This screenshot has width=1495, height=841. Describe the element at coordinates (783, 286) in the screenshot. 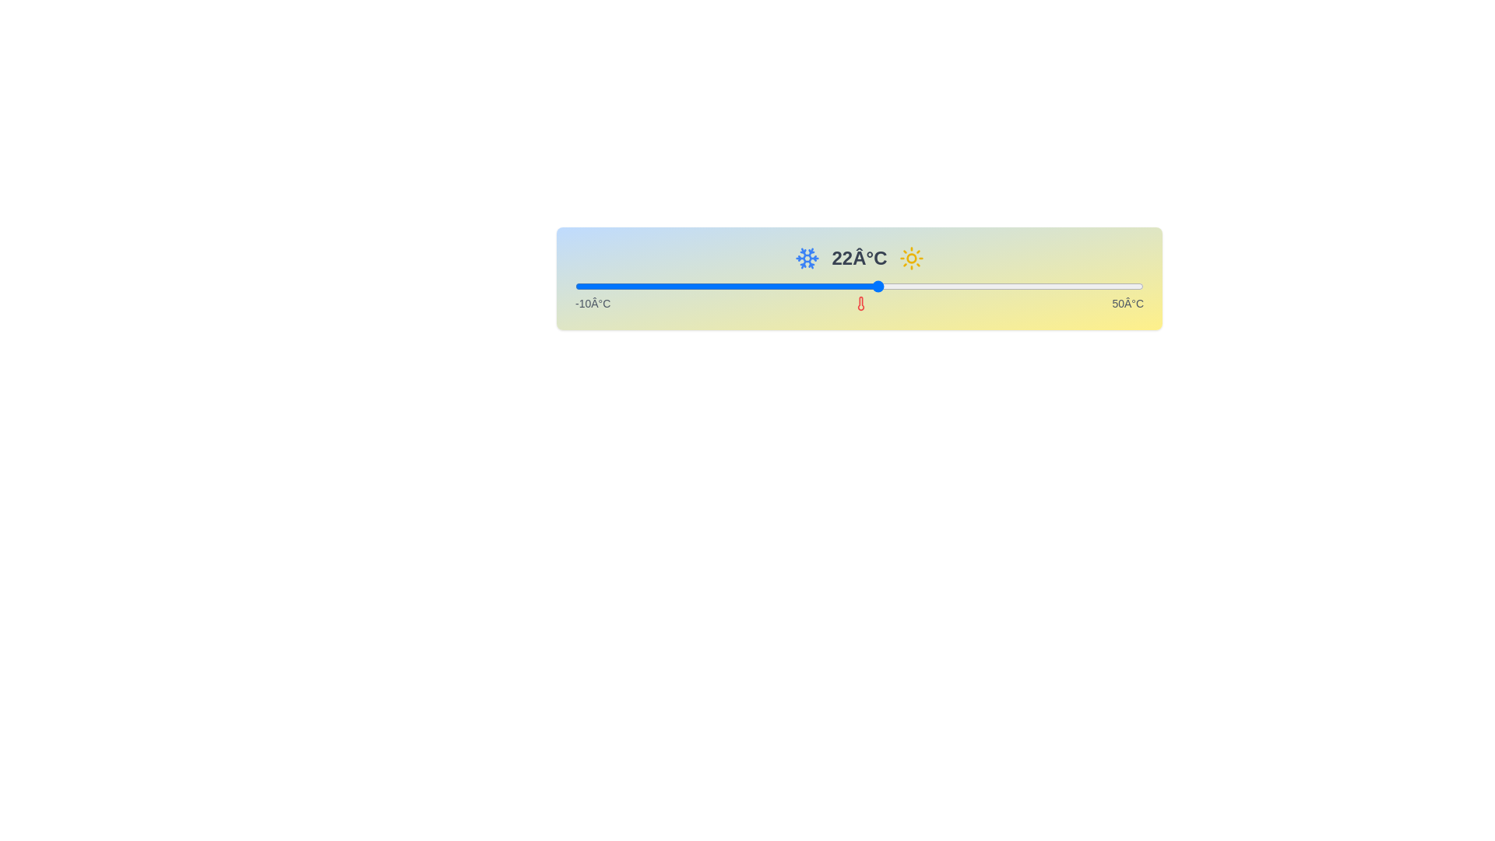

I see `the temperature slider to 12°C` at that location.